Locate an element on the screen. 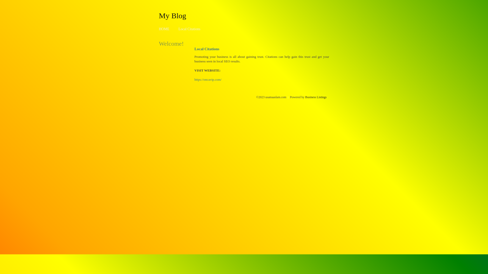 The height and width of the screenshot is (274, 488). 'HOME' is located at coordinates (164, 29).